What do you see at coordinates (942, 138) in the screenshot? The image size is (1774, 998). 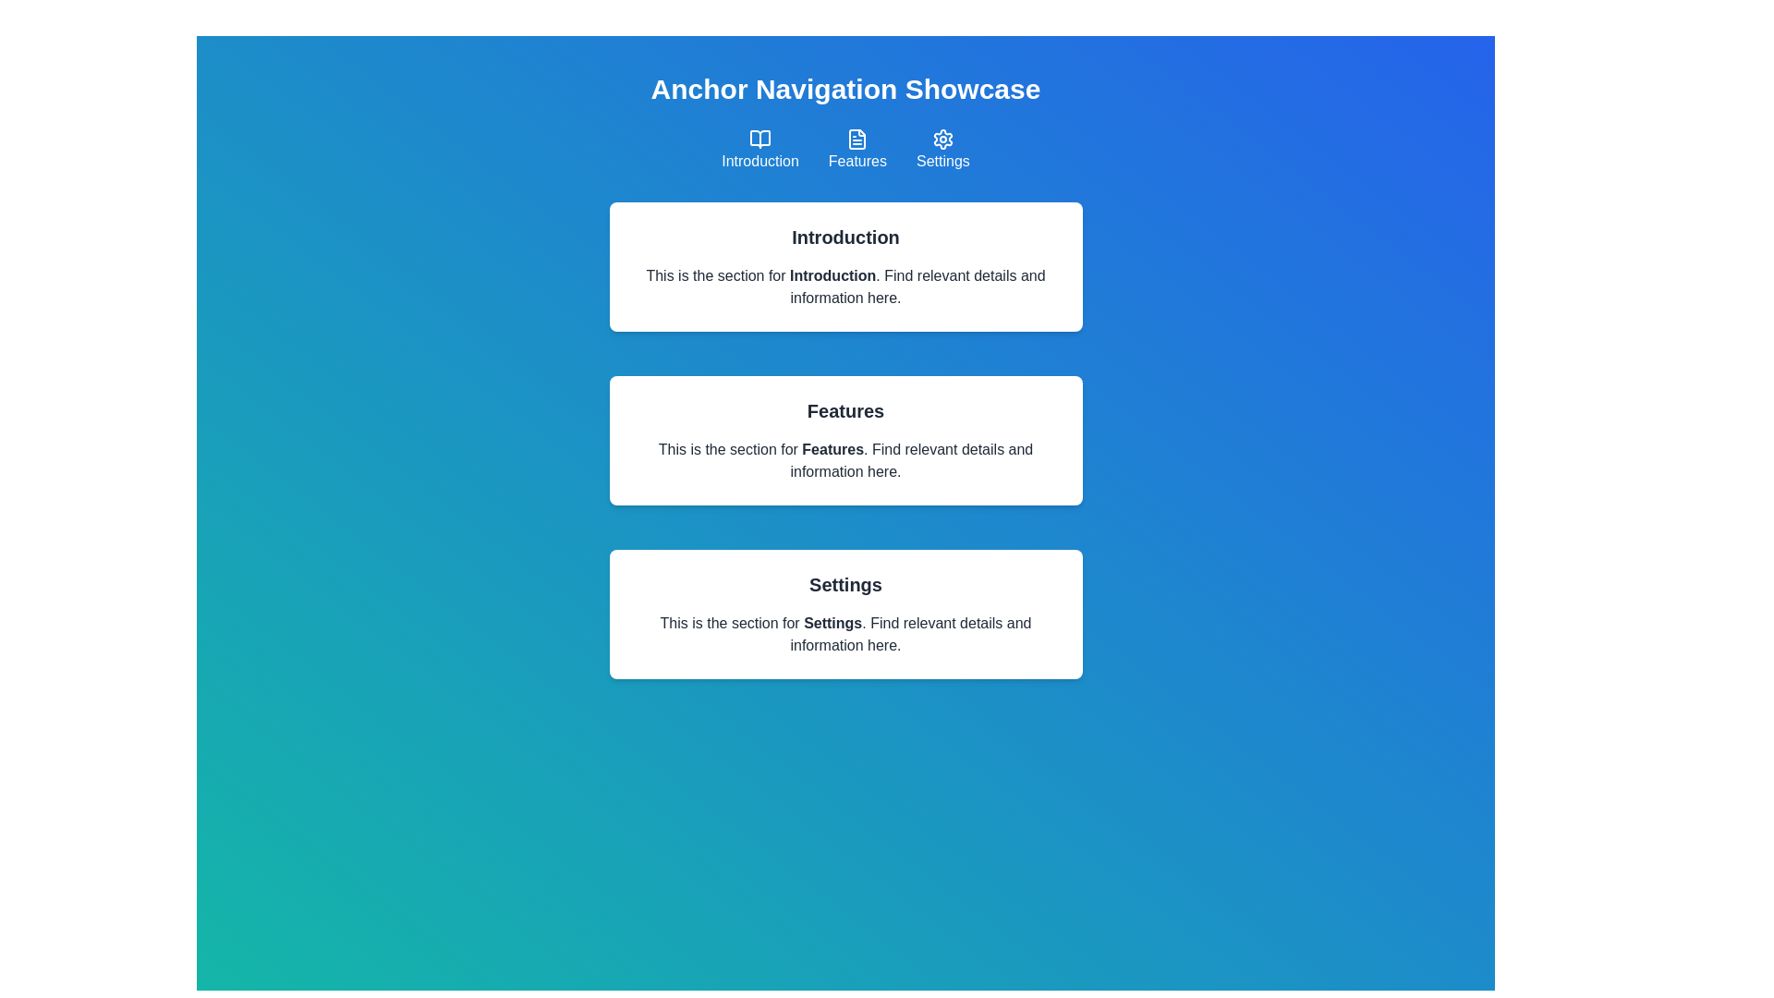 I see `the gear icon representing settings in the top horizontal menu bar` at bounding box center [942, 138].